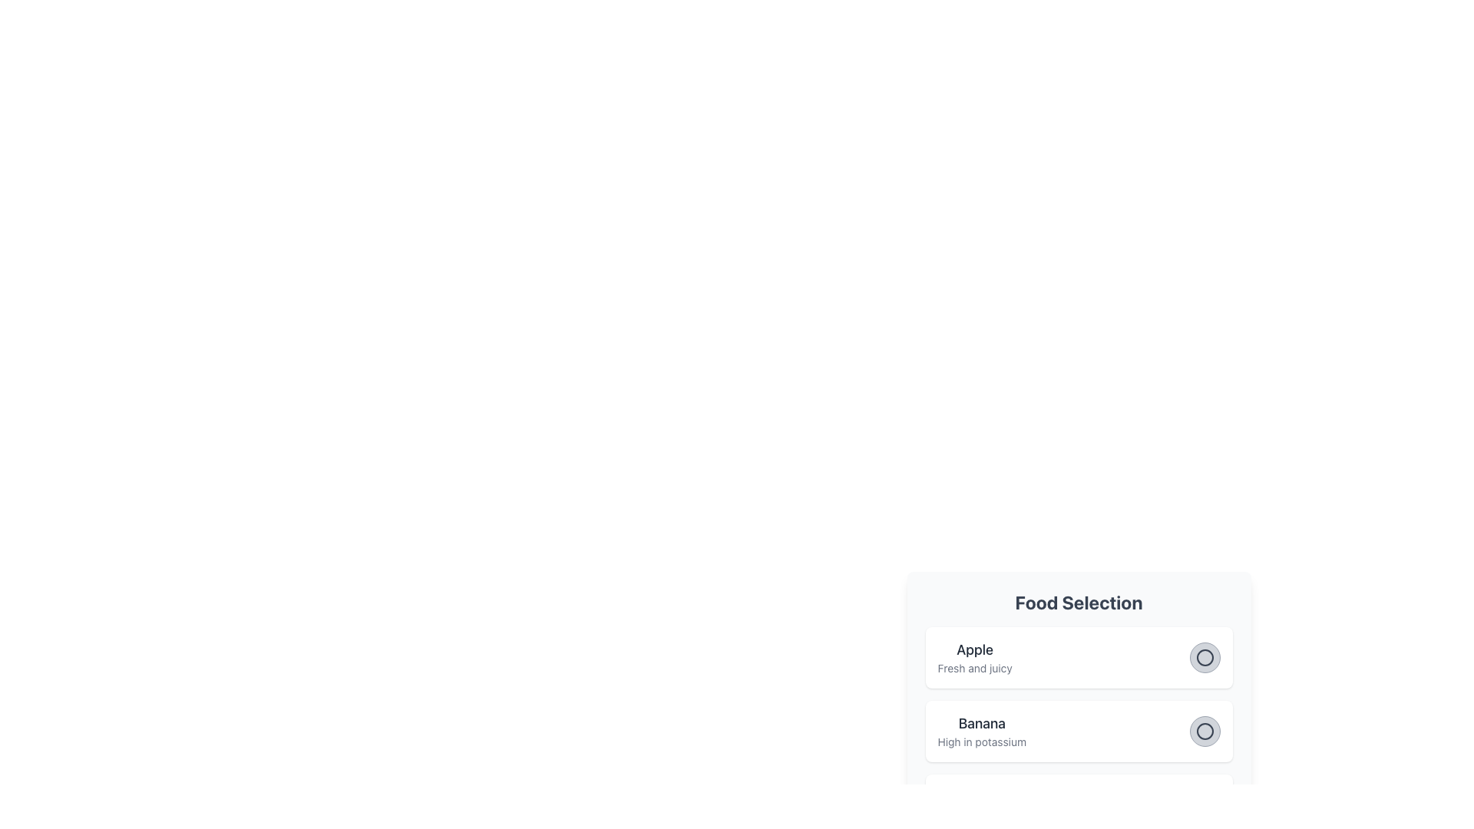 This screenshot has width=1474, height=829. I want to click on the header text element indicating the item name 'Apple' within the food selection list, so click(974, 650).